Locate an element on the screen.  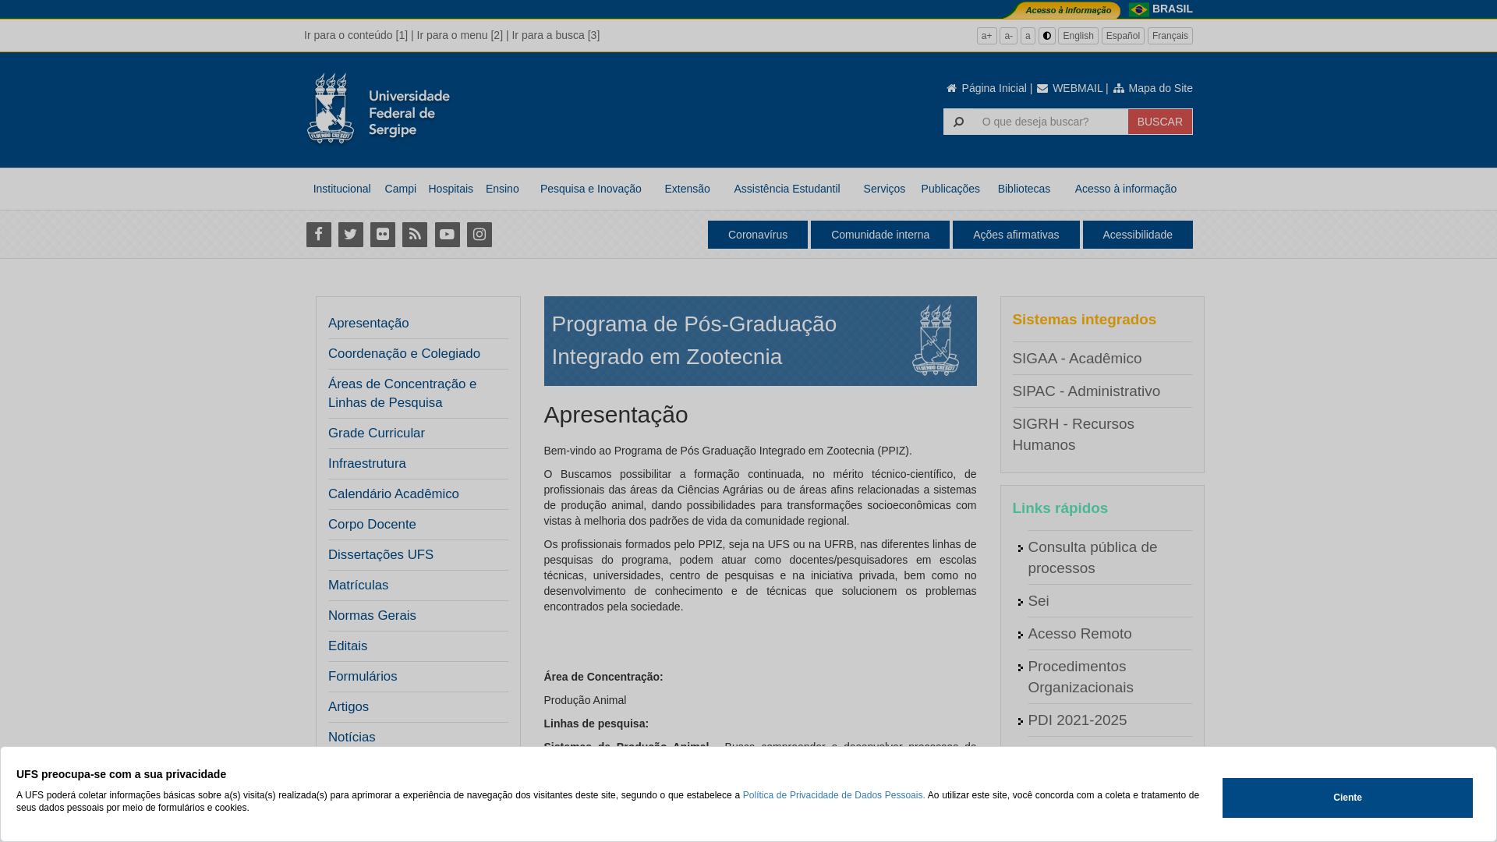
'SIPAC - Administrativo' is located at coordinates (1085, 390).